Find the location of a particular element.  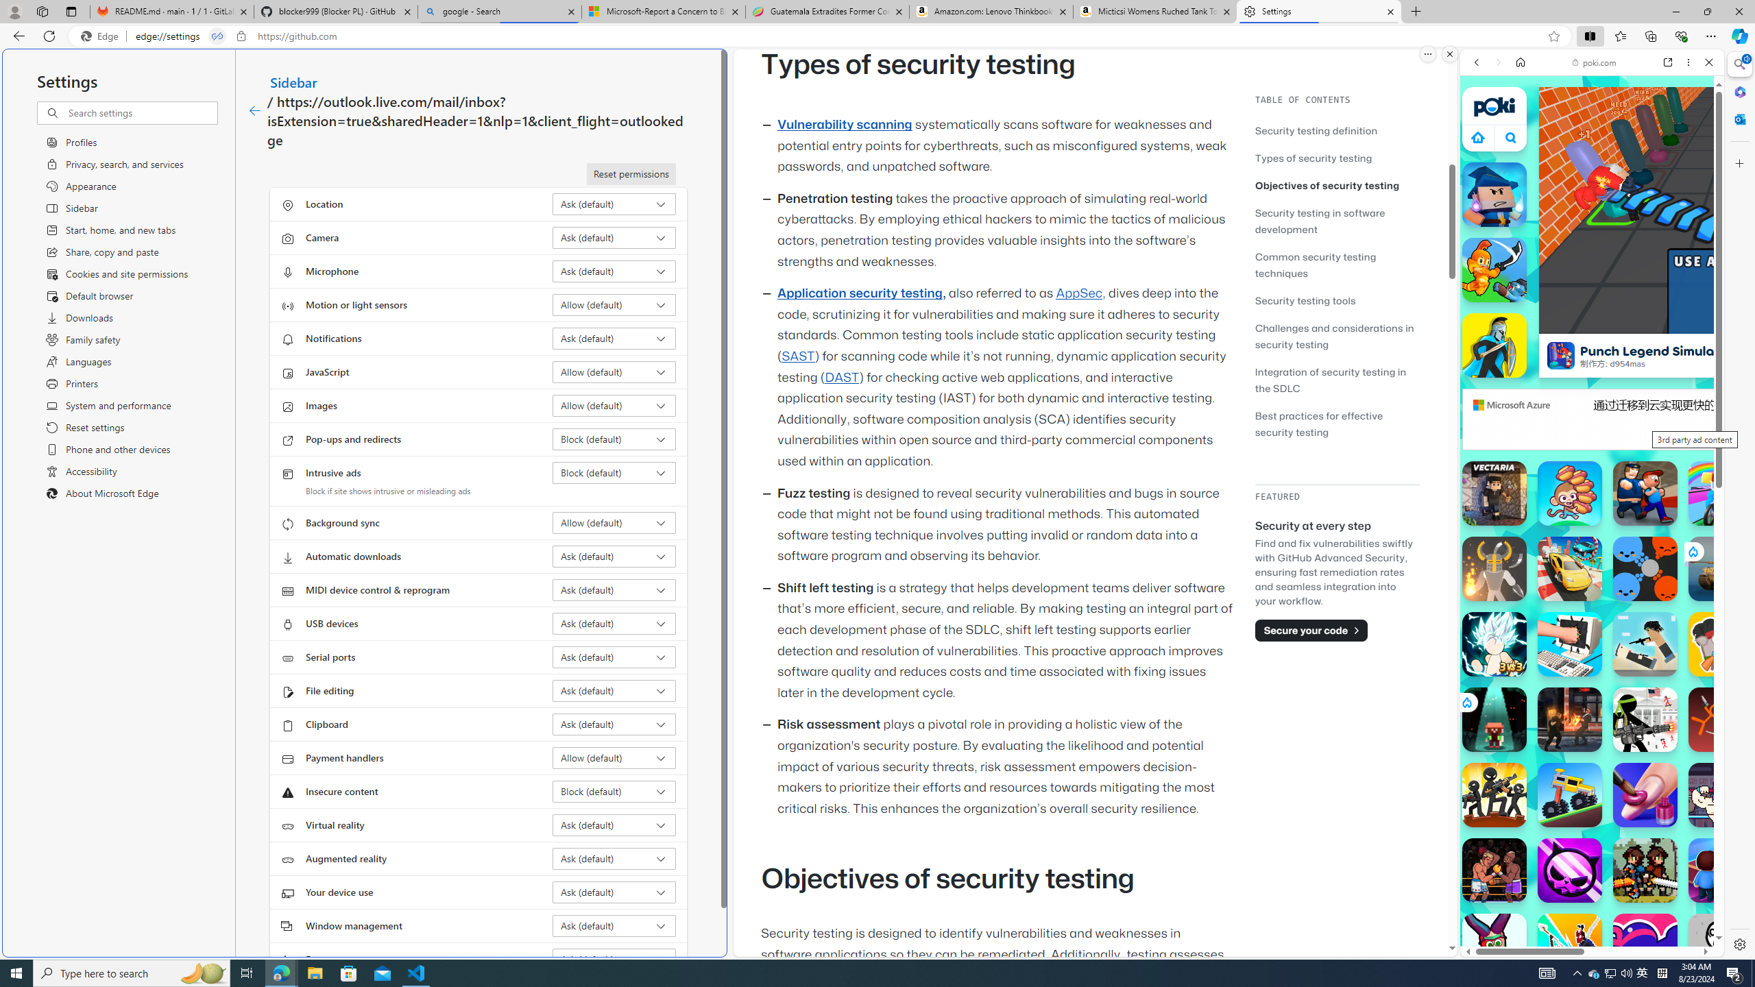

'Virtual reality Ask (default)' is located at coordinates (614, 824).